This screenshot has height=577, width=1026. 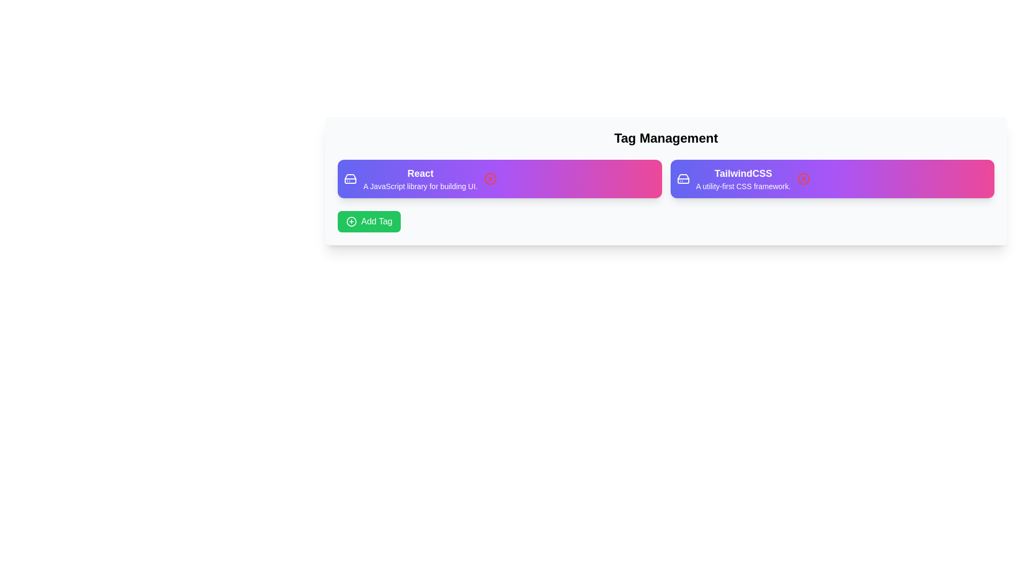 What do you see at coordinates (369, 221) in the screenshot?
I see `the vibrant green button located below the 'React' box in the 'Tag Management' section` at bounding box center [369, 221].